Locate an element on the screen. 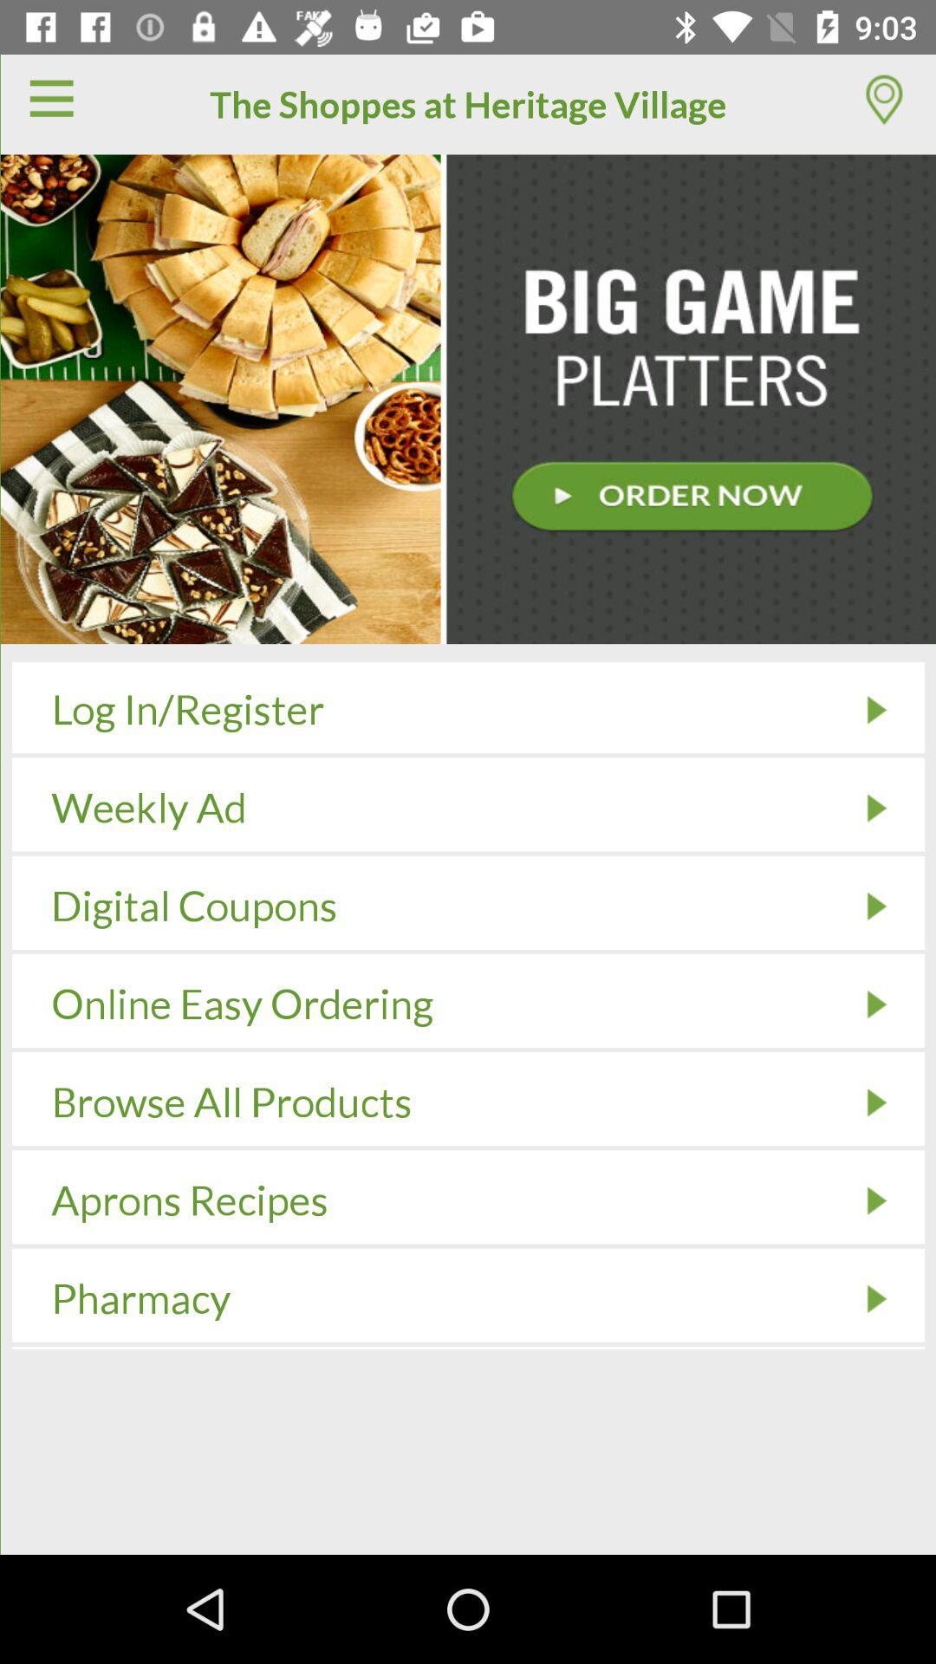  the icon to the right of online easy ordering is located at coordinates (876, 1004).